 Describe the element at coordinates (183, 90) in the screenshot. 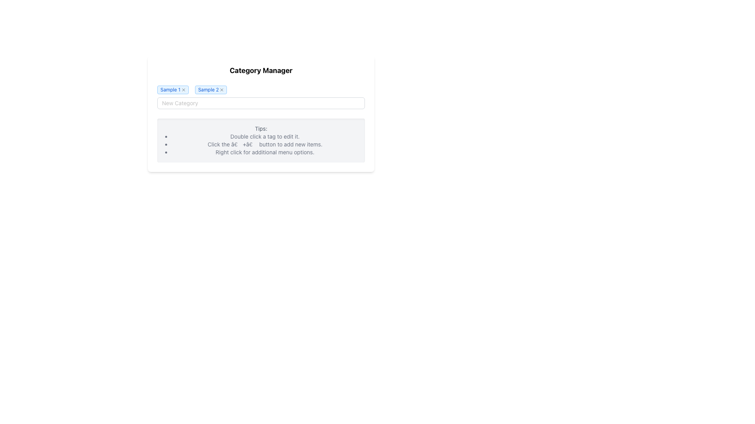

I see `the Close button icon, which is a gray 'x' symbol located inside the 'Sample 1' tag` at that location.